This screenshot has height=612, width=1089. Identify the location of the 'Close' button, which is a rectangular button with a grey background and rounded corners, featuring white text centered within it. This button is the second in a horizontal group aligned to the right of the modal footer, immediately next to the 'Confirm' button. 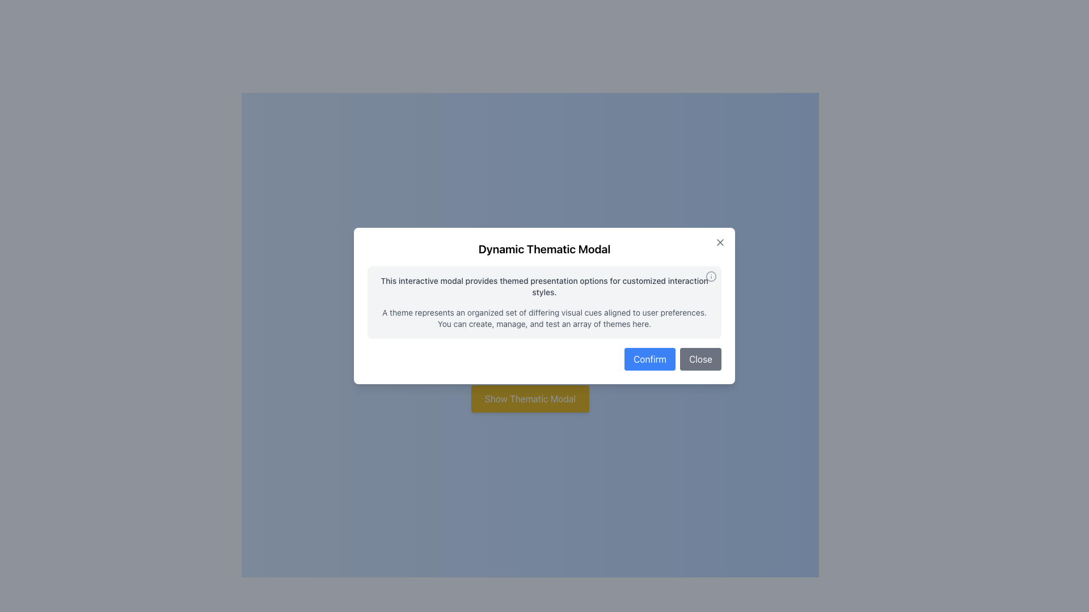
(700, 359).